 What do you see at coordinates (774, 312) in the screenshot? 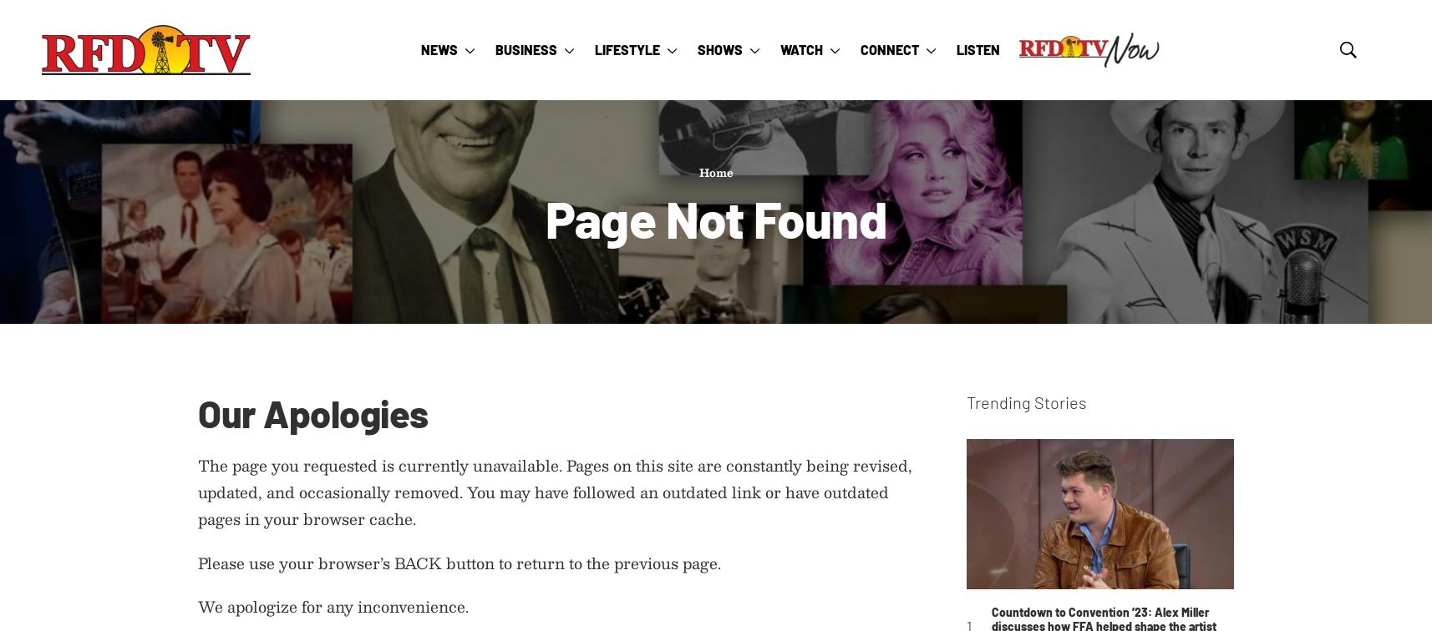
I see `'Rural Lifestyle Shows'` at bounding box center [774, 312].